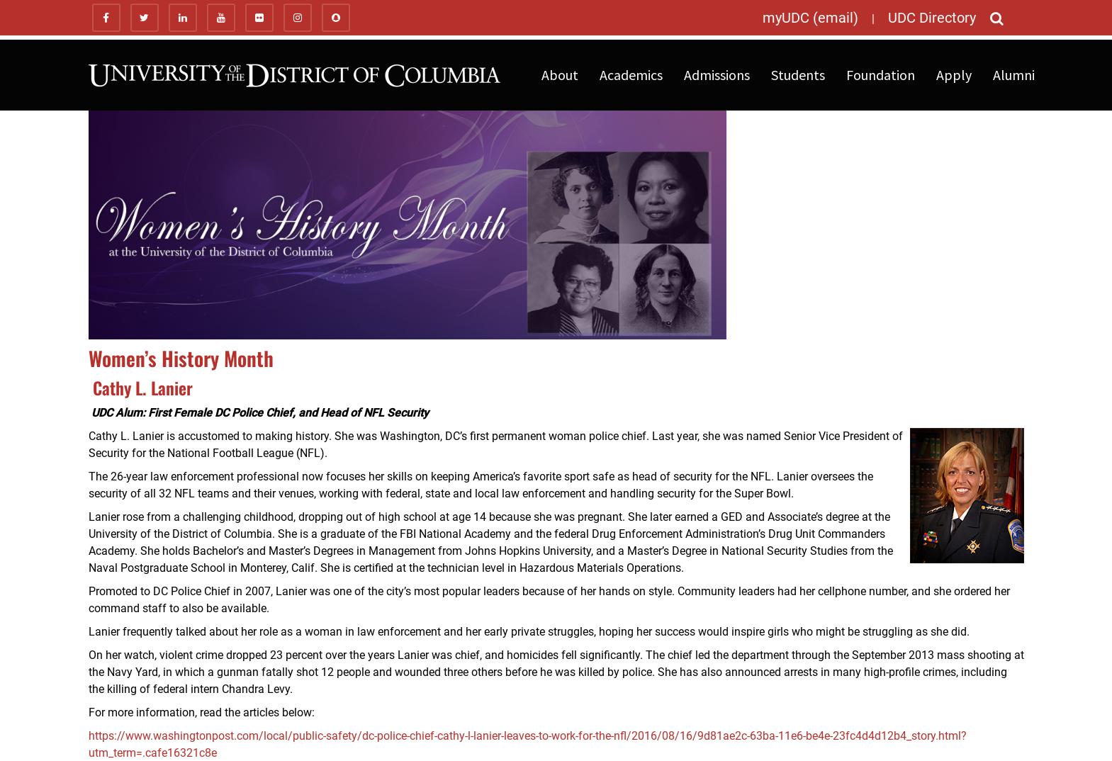 This screenshot has height=761, width=1112. I want to click on 'UDC Directory', so click(931, 17).